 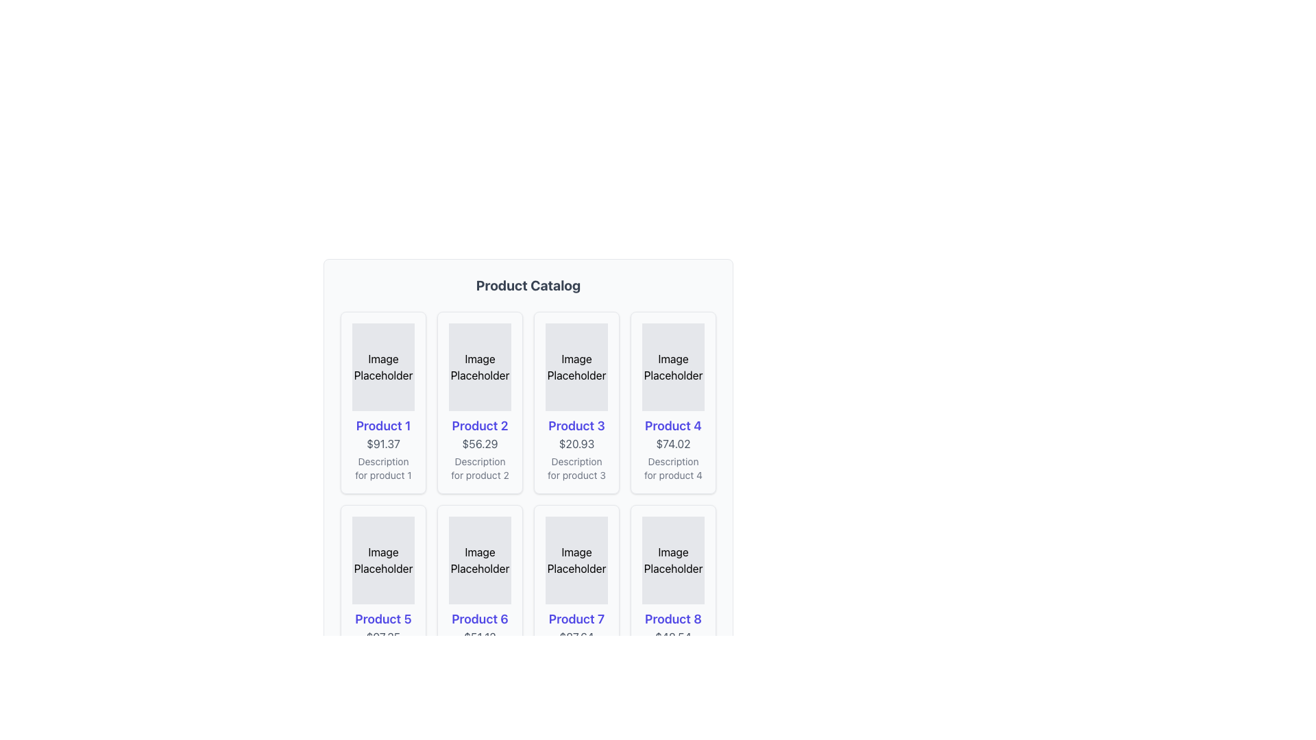 What do you see at coordinates (480, 444) in the screenshot?
I see `the text label displaying the price '$56.29' of 'Product 2', which is located below the product title and above its description` at bounding box center [480, 444].